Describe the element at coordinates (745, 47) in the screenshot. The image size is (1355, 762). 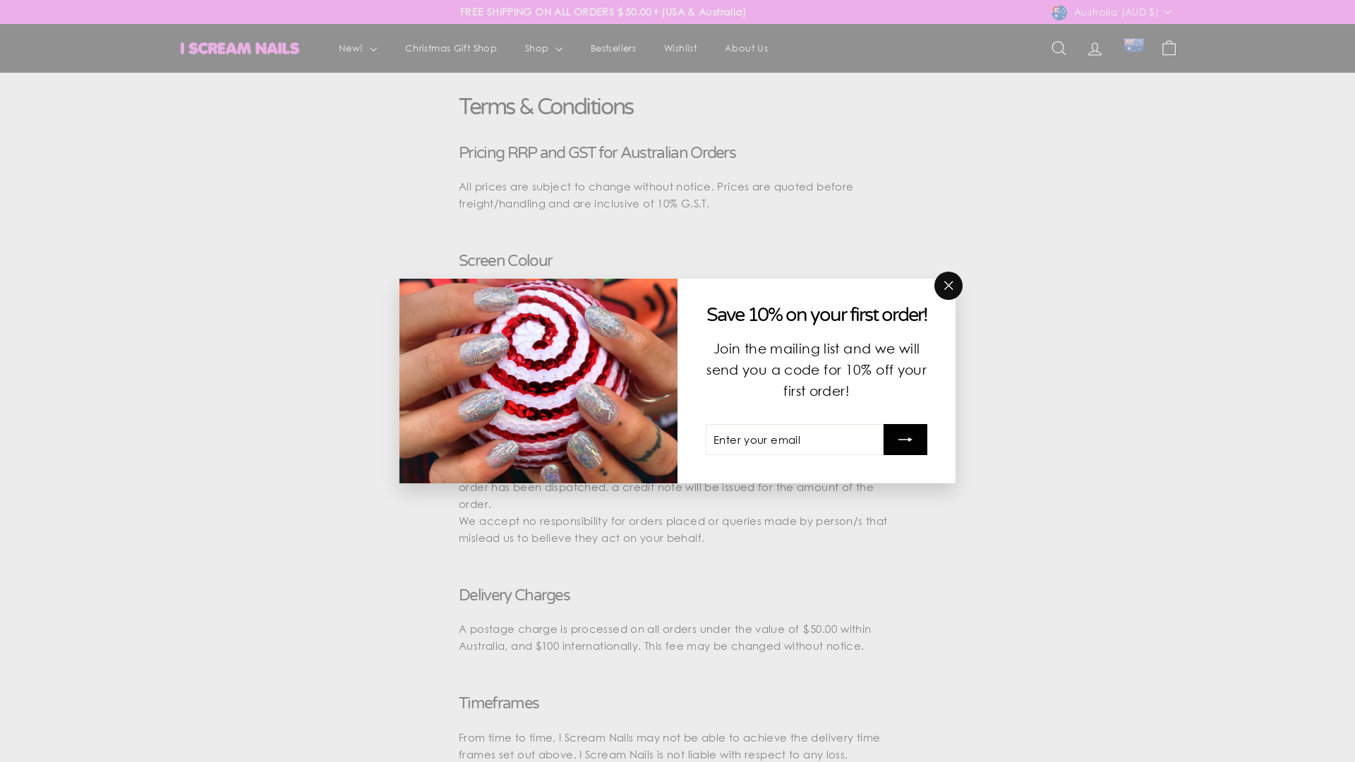
I see `'About Us'` at that location.